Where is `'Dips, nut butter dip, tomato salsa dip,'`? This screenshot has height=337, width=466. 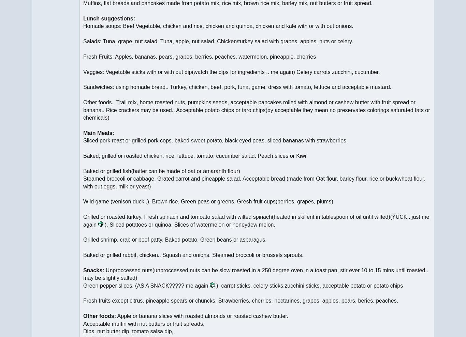 'Dips, nut butter dip, tomato salsa dip,' is located at coordinates (128, 331).